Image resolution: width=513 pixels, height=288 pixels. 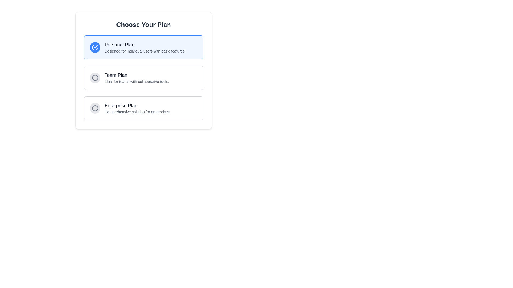 What do you see at coordinates (95, 78) in the screenshot?
I see `the circular grayscale graphical badge located centrally on the Team Plan option within the selection box` at bounding box center [95, 78].